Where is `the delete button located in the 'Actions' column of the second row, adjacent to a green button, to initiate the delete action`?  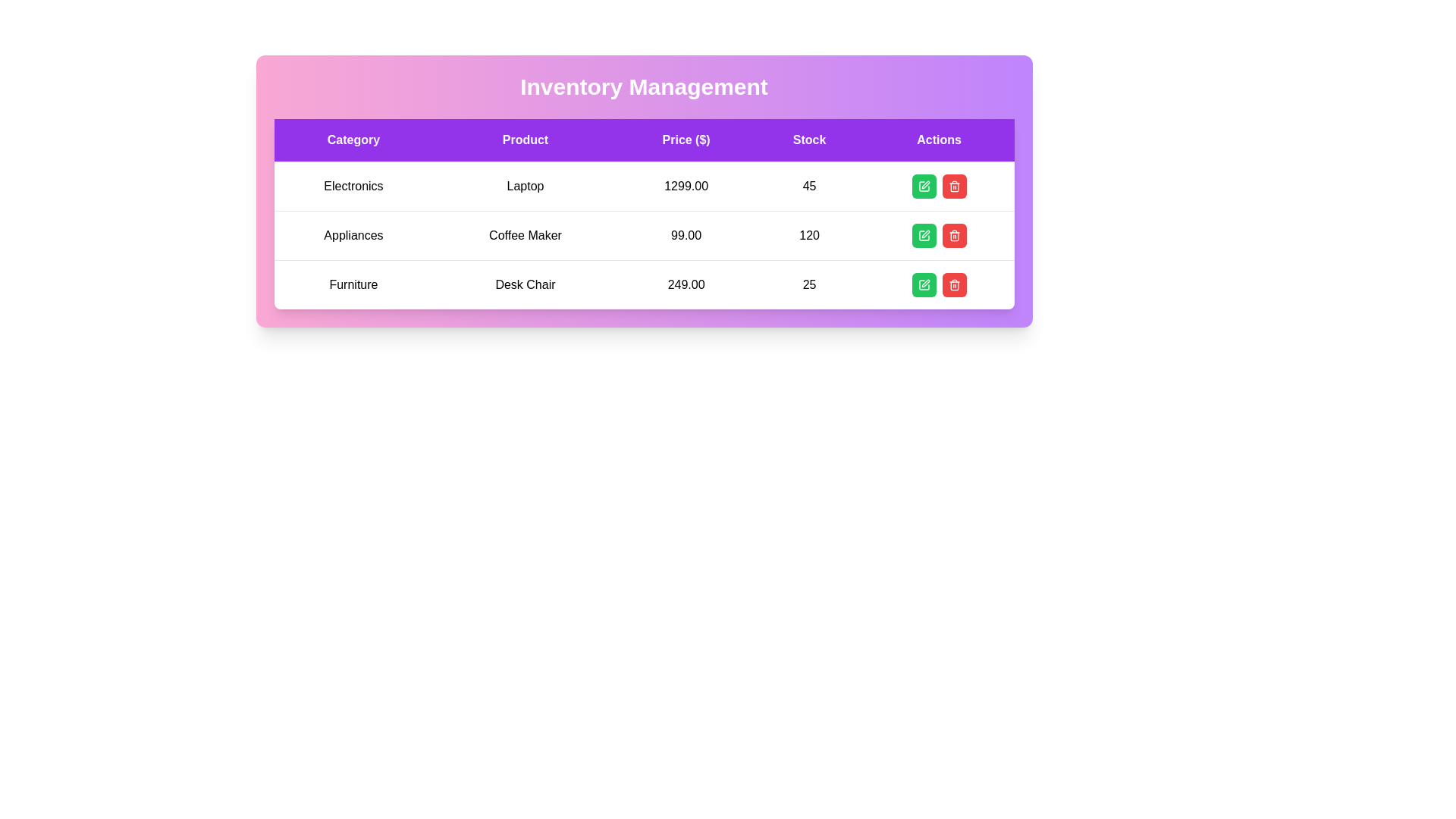 the delete button located in the 'Actions' column of the second row, adjacent to a green button, to initiate the delete action is located at coordinates (953, 236).